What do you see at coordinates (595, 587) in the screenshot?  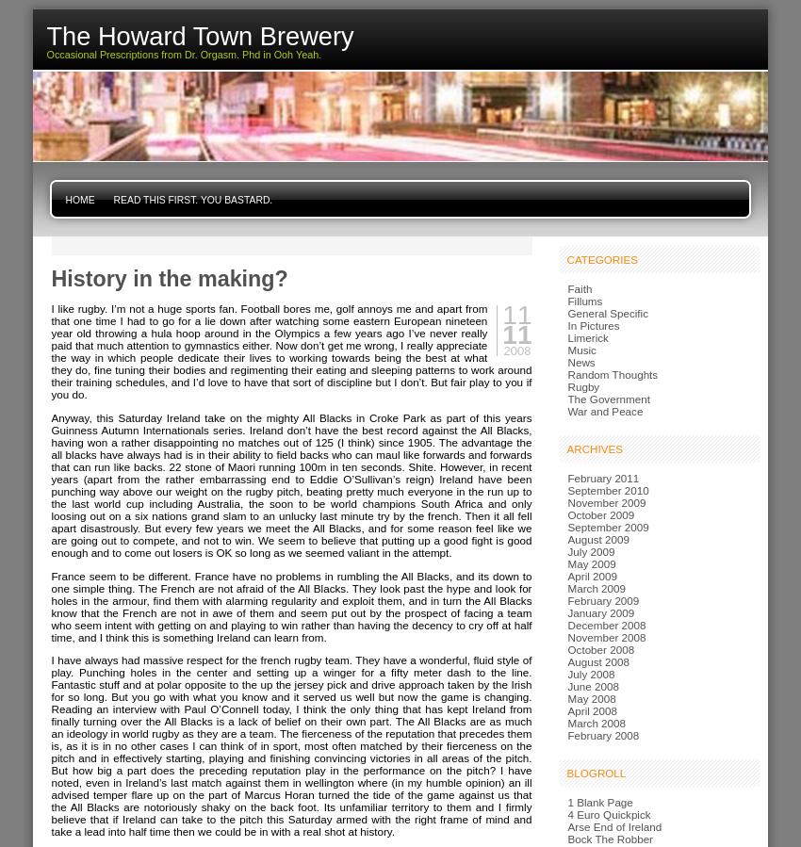 I see `'March 2009'` at bounding box center [595, 587].